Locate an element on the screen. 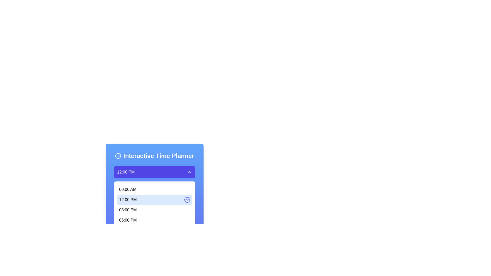 The image size is (491, 276). displayed text '12:00 PM' from the static text element styled in white font on a blue rectangular background located at the top of the dropdown menu is located at coordinates (126, 172).